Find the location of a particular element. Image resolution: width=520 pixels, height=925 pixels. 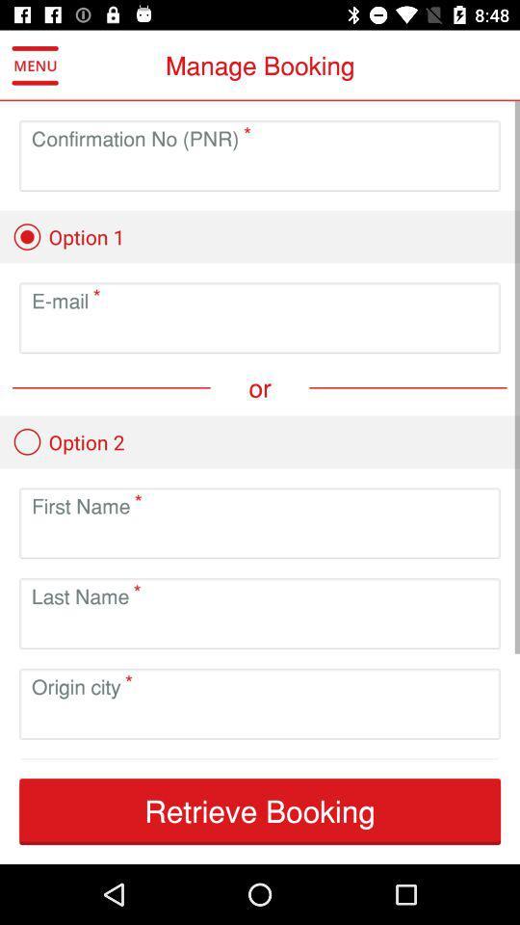

the retrieve booking icon is located at coordinates (260, 810).